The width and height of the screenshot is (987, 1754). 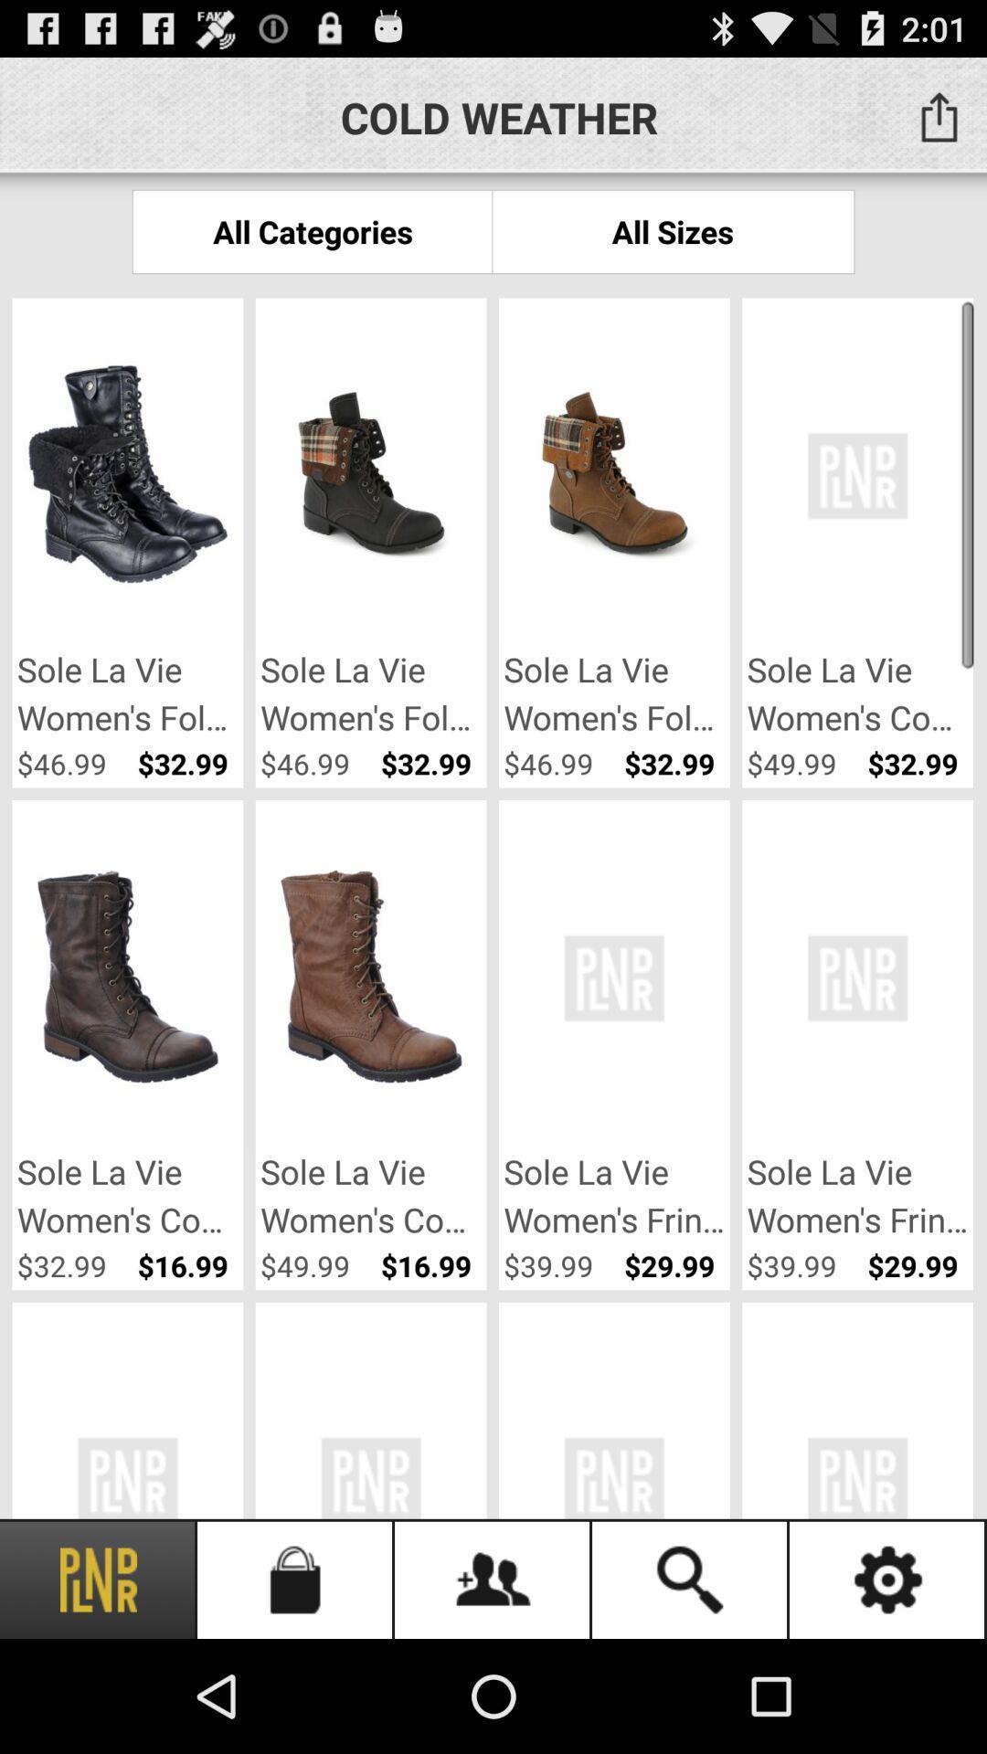 I want to click on the share icon, so click(x=939, y=124).